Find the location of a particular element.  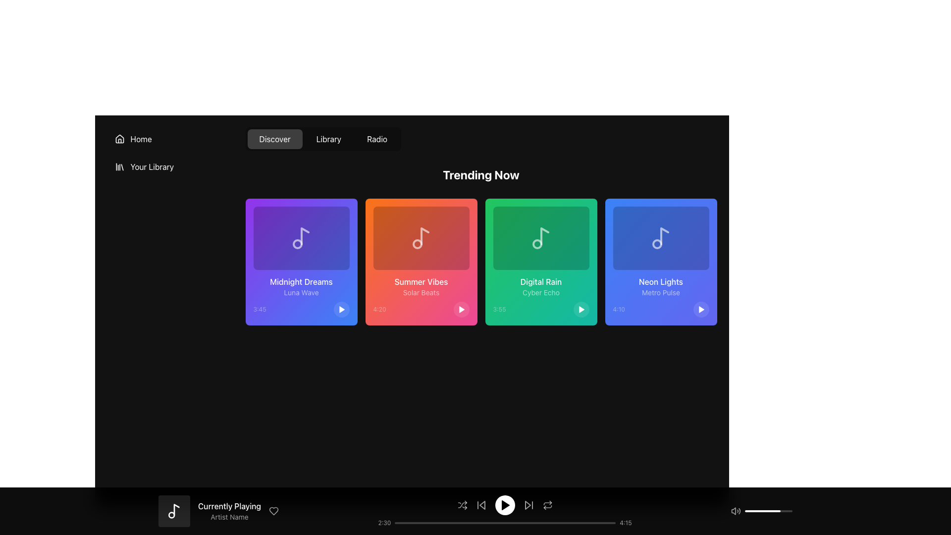

the progress bar located at the bottom center of the media player interface to seek to a different playback point is located at coordinates (505, 523).